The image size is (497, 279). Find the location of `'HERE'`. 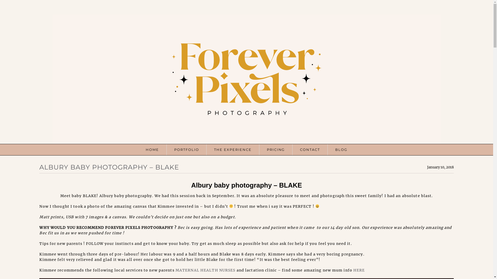

'HERE' is located at coordinates (353, 270).